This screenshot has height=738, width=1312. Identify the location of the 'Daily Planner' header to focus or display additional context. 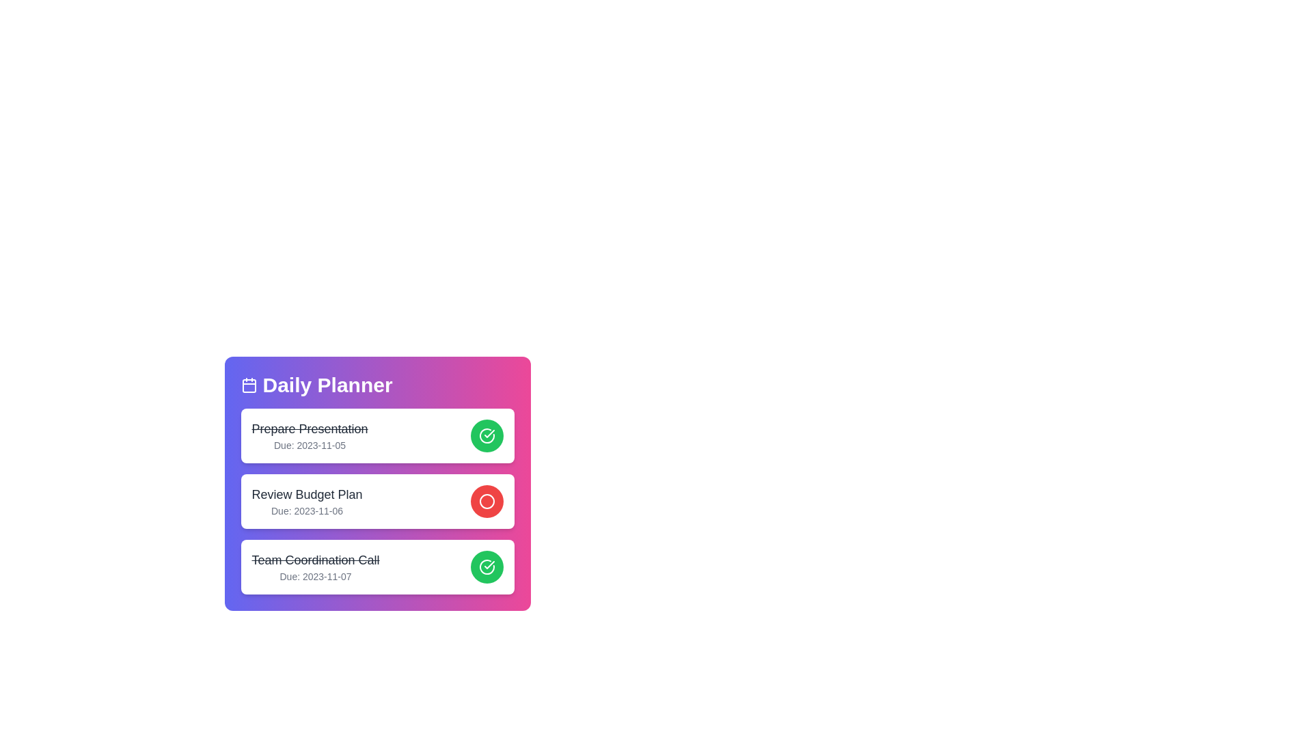
(377, 385).